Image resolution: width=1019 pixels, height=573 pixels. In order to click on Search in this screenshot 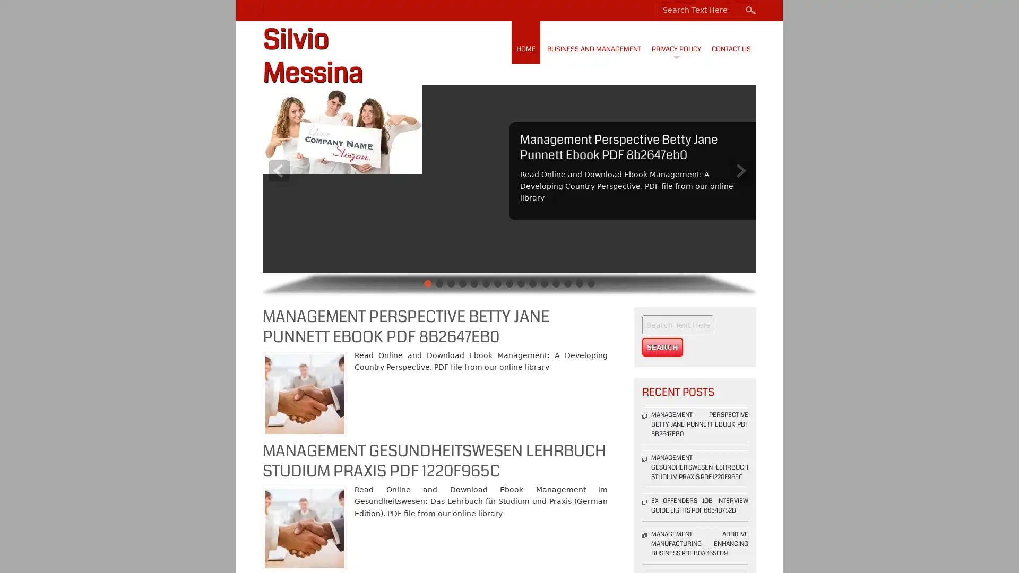, I will do `click(662, 347)`.